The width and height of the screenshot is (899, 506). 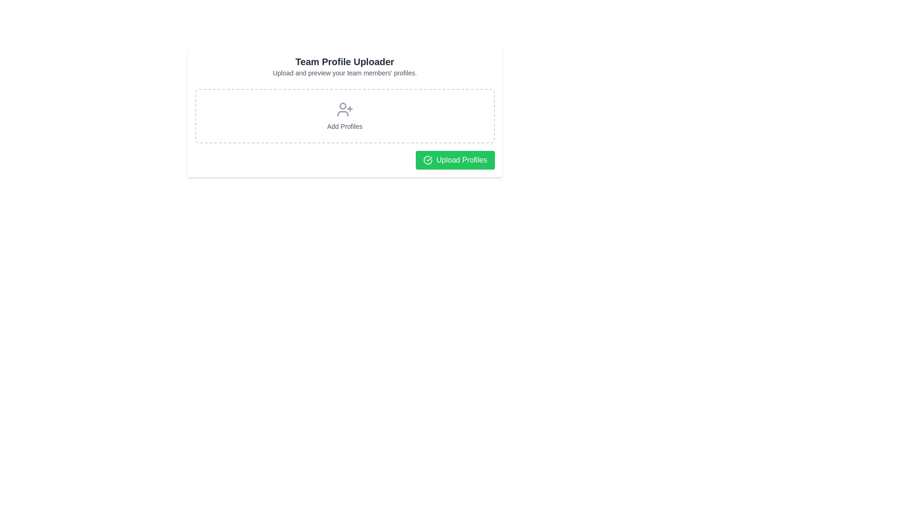 What do you see at coordinates (344, 72) in the screenshot?
I see `the text label displaying 'Upload and preview your team members' profiles.' located directly below the title 'Team Profile Uploader.'` at bounding box center [344, 72].